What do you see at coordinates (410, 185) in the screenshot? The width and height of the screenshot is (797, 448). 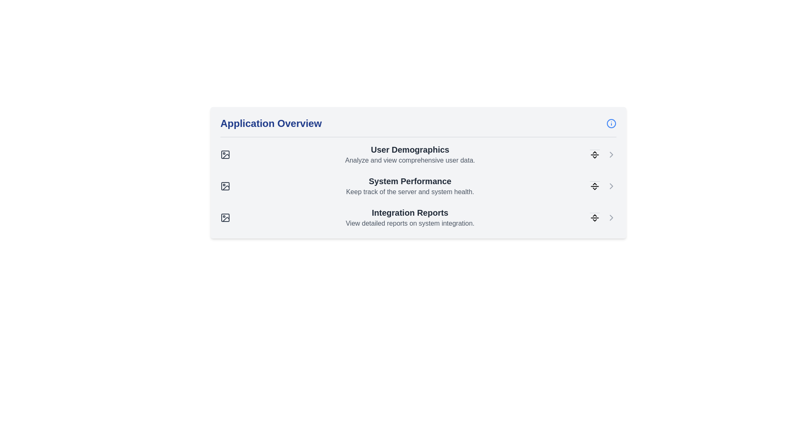 I see `information displayed in the 'System Performance' informational block, which includes the bold title and the smaller message about server and system health` at bounding box center [410, 185].